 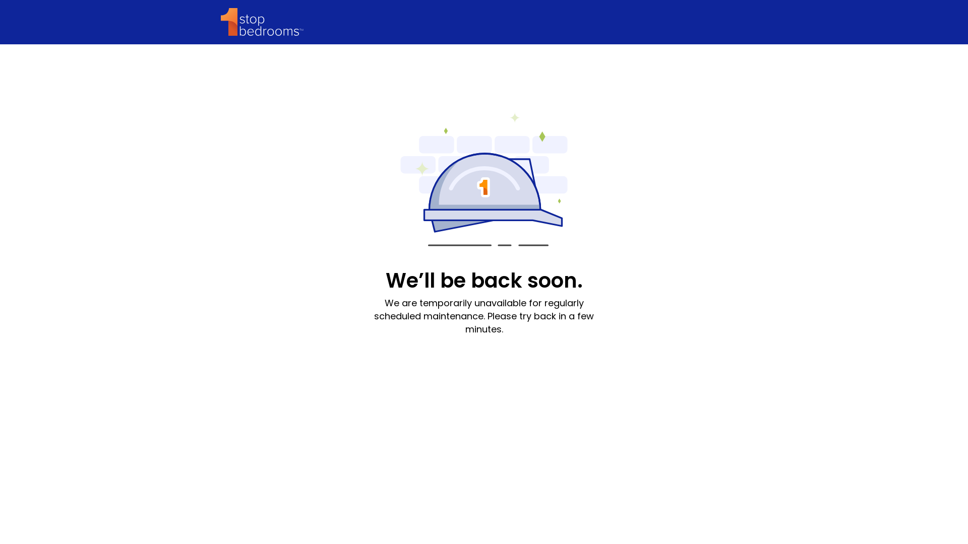 What do you see at coordinates (262, 22) in the screenshot?
I see `'1StopBedrooms'` at bounding box center [262, 22].